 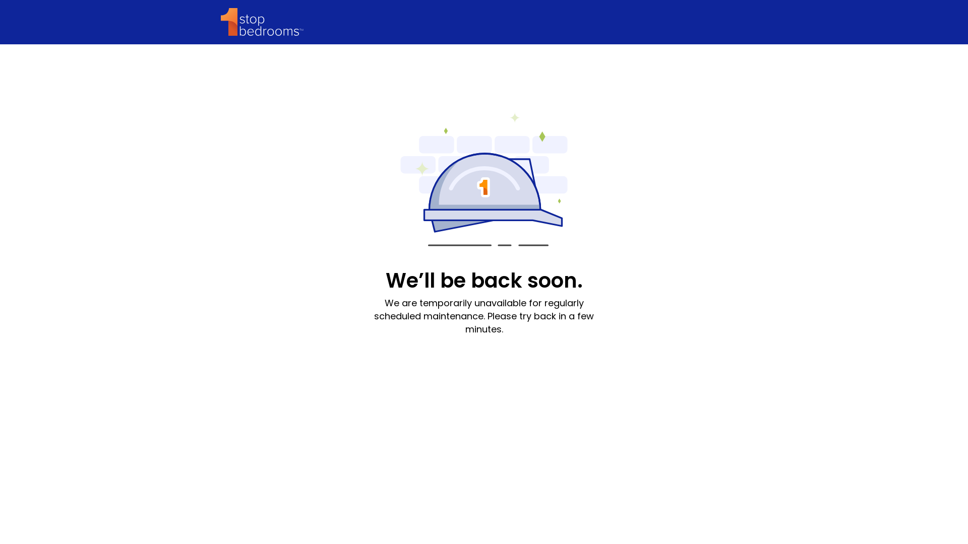 What do you see at coordinates (262, 22) in the screenshot?
I see `'1StopBedrooms'` at bounding box center [262, 22].